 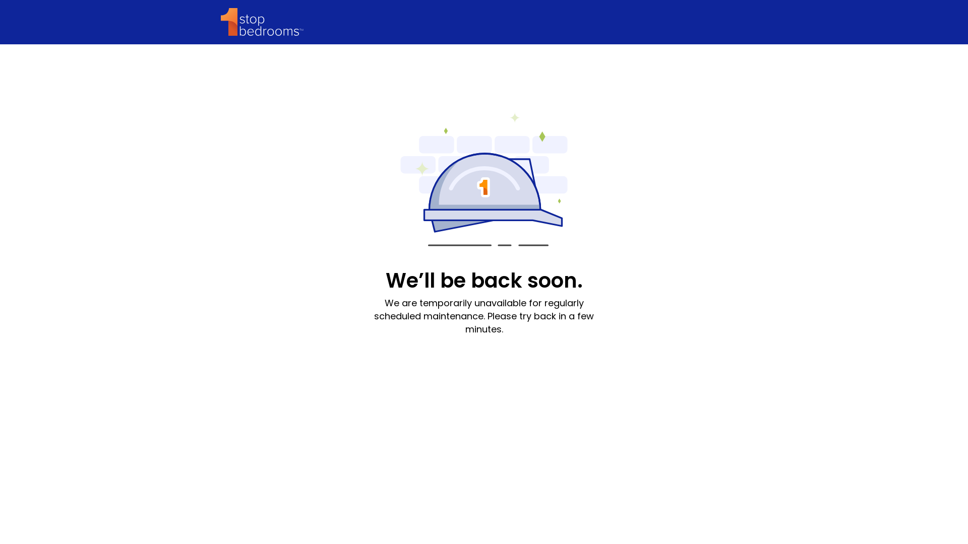 What do you see at coordinates (262, 22) in the screenshot?
I see `'1StopBedrooms'` at bounding box center [262, 22].